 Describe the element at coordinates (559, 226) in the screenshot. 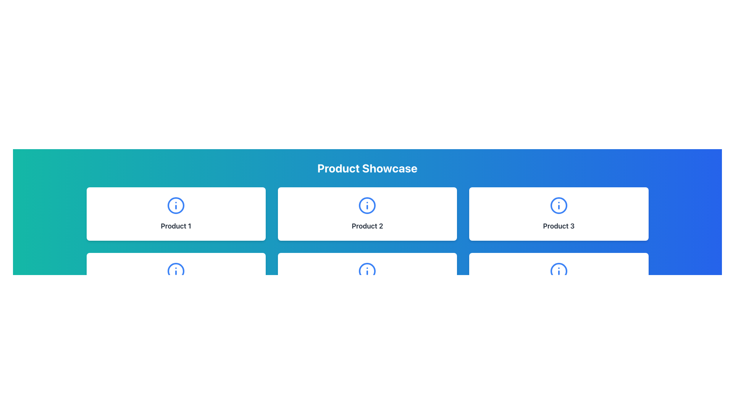

I see `bold text label displaying 'Product 3' located at the bottom center of the white card beneath the circular information icon` at that location.